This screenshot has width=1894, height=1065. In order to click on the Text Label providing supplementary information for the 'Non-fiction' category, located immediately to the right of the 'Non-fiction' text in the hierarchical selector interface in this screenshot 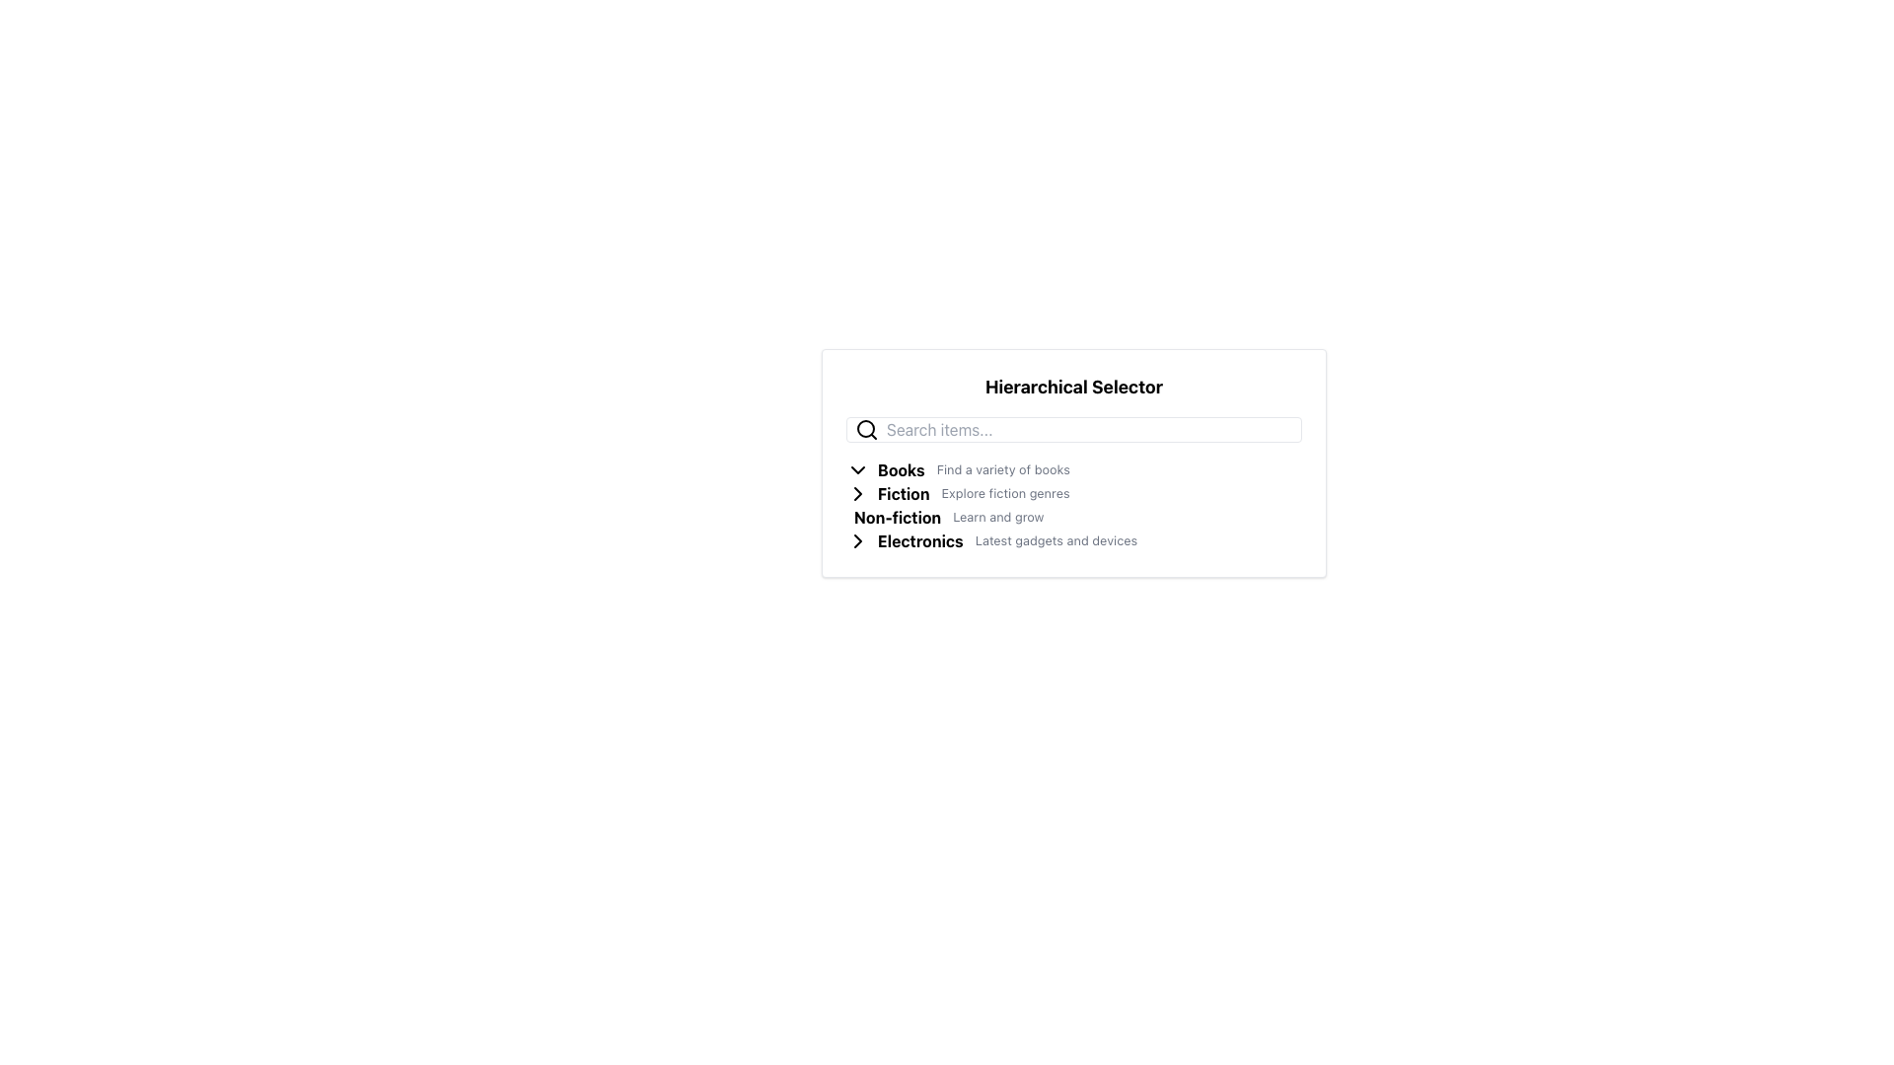, I will do `click(998, 516)`.